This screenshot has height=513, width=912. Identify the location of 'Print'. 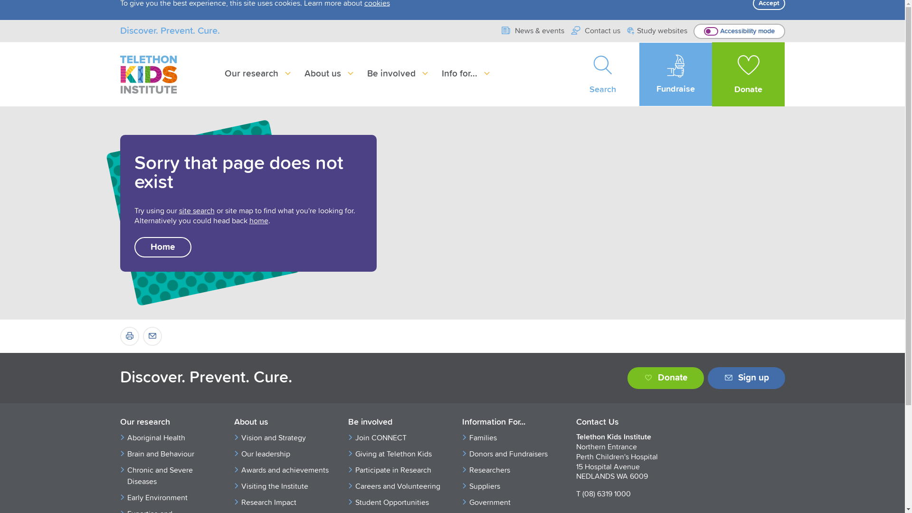
(129, 336).